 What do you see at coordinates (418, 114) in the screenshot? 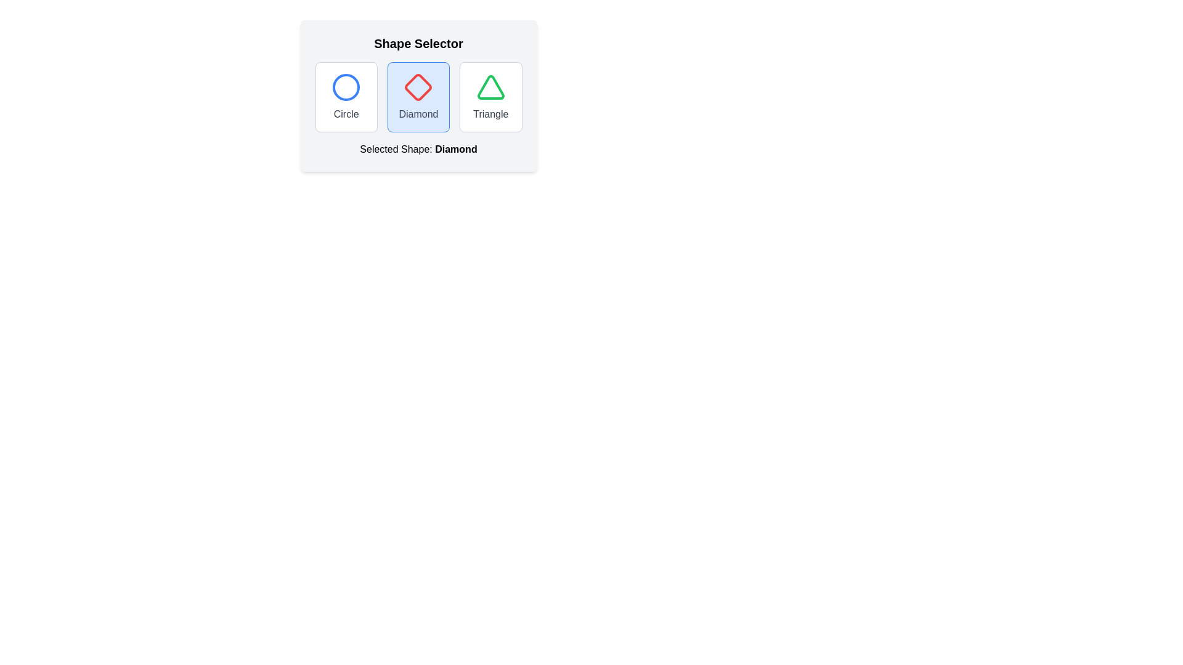
I see `the text label located immediately below the diamond icon in the middle selectable option of a group of three shape options` at bounding box center [418, 114].